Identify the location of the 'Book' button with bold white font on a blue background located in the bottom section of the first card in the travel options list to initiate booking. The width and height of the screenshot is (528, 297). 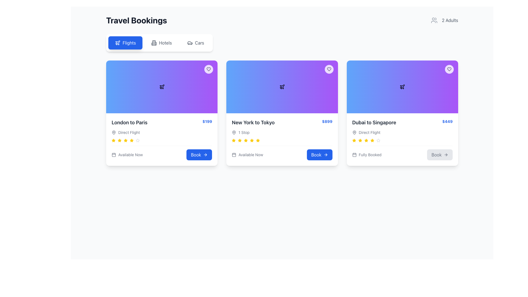
(196, 155).